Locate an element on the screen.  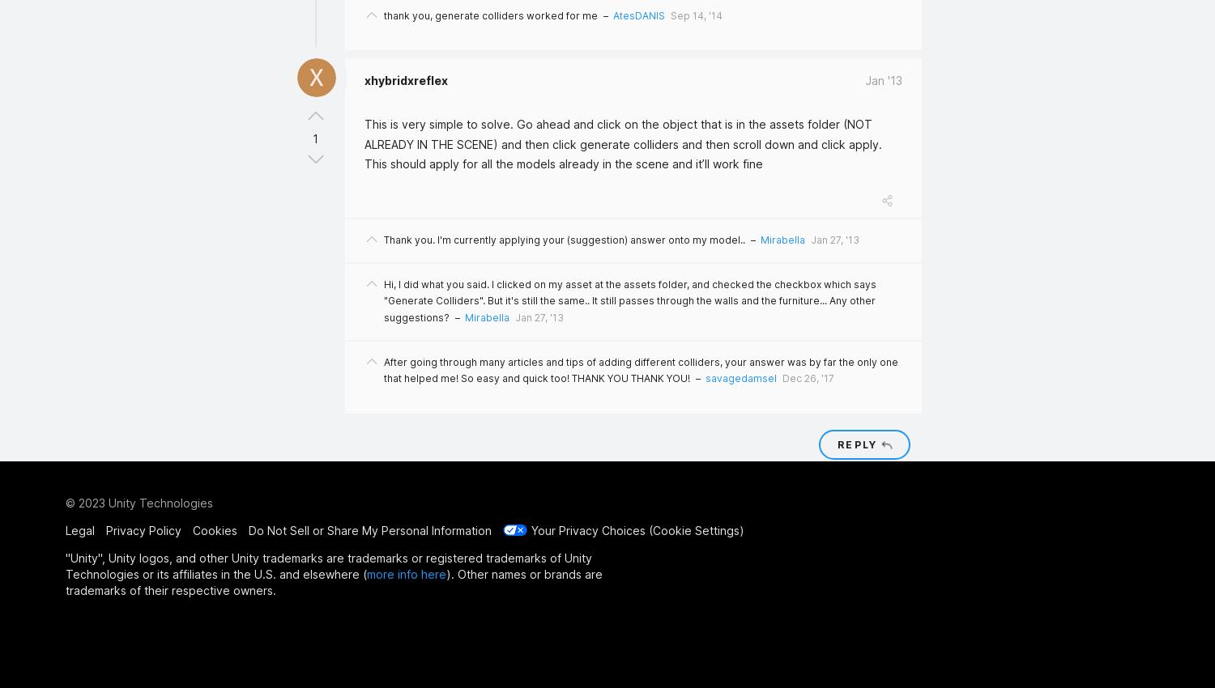
'thank you, generate colliders worked for me' is located at coordinates (490, 14).